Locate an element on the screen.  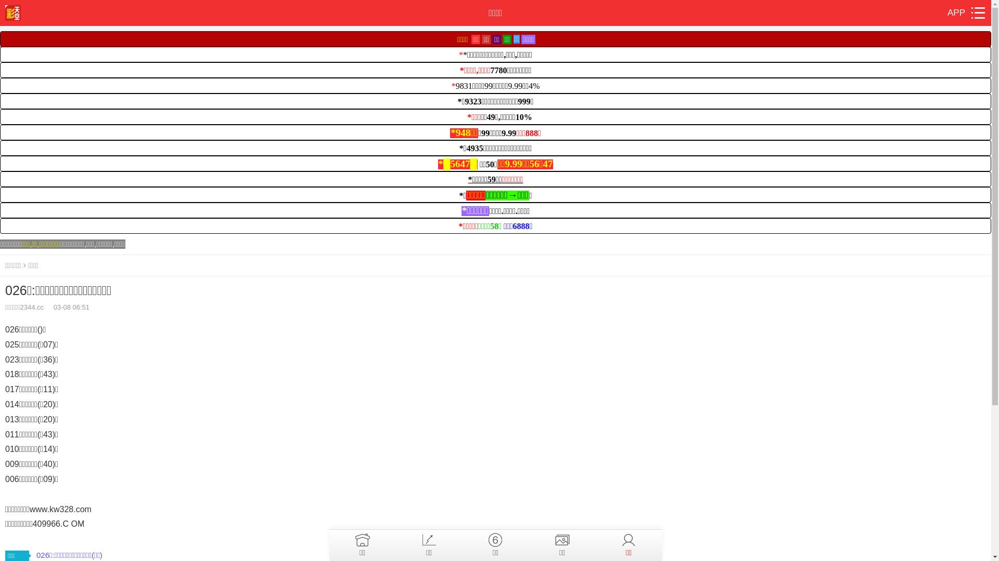
'APP' is located at coordinates (947, 12).